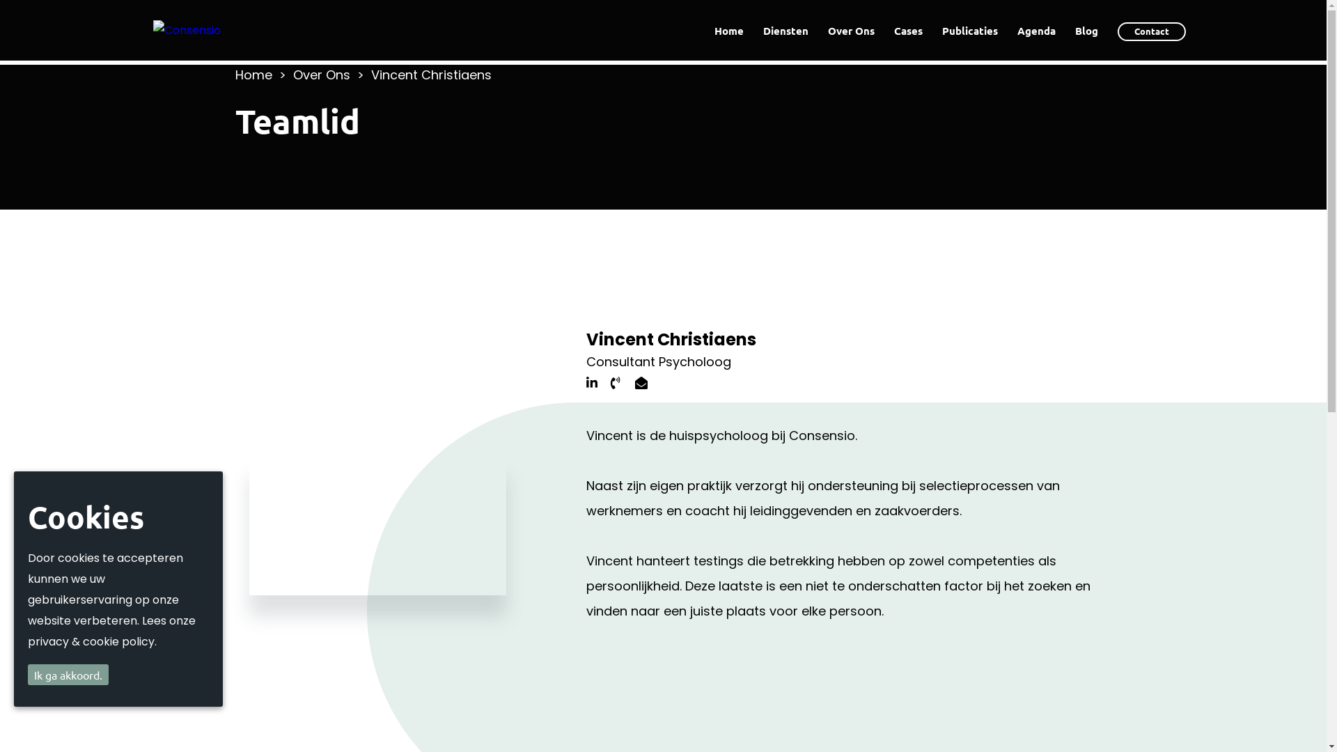  I want to click on 'Blog', so click(1086, 29).